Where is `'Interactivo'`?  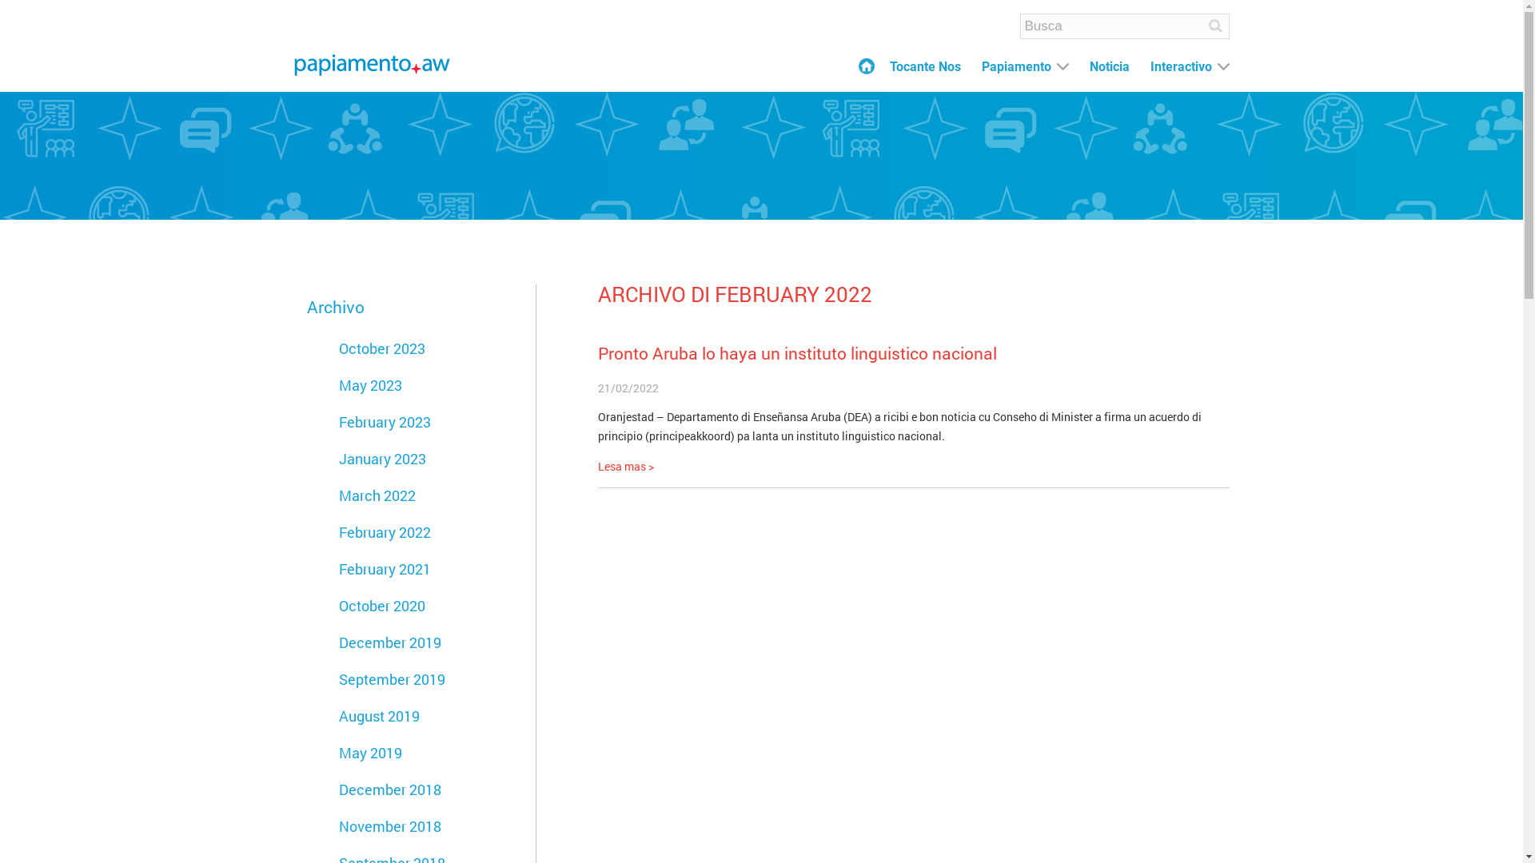
'Interactivo' is located at coordinates (1149, 66).